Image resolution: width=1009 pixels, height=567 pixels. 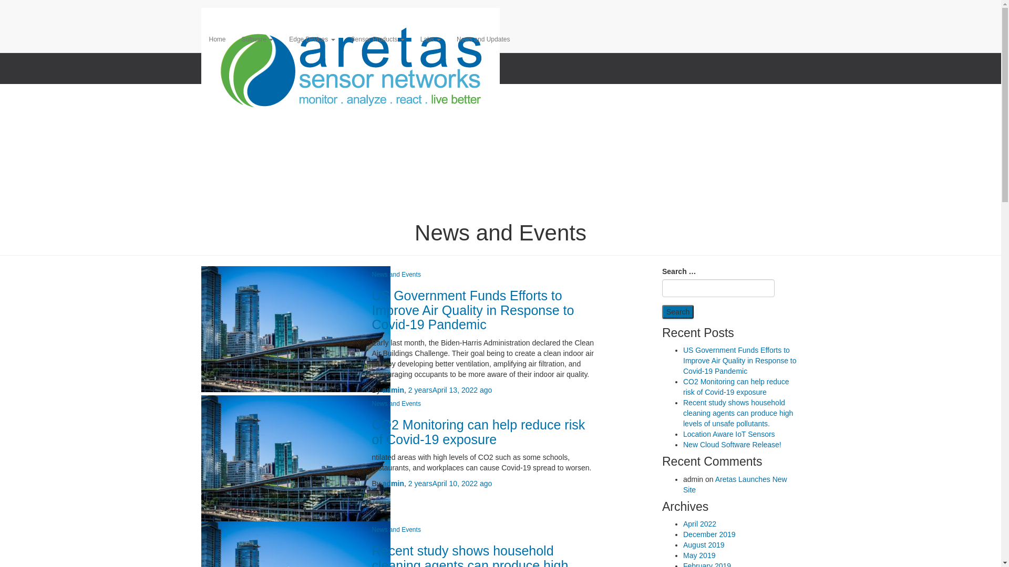 What do you see at coordinates (216, 38) in the screenshot?
I see `'Home'` at bounding box center [216, 38].